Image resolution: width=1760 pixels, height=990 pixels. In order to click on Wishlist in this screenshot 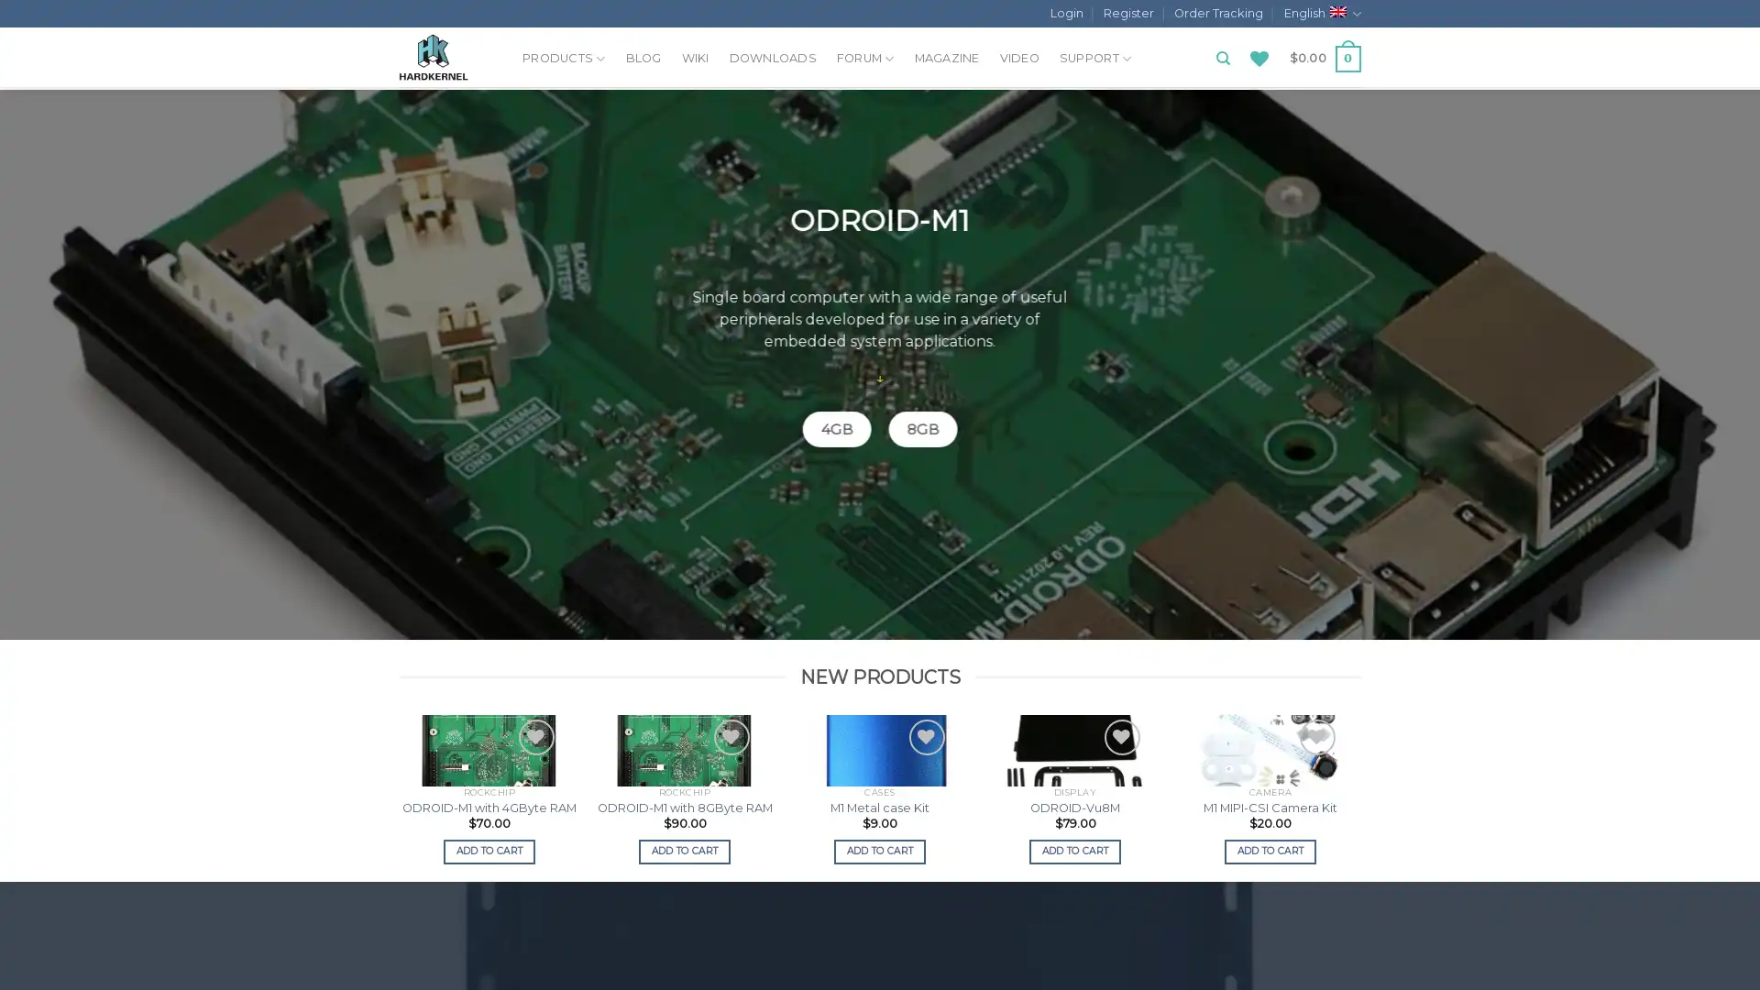, I will do `click(340, 736)`.